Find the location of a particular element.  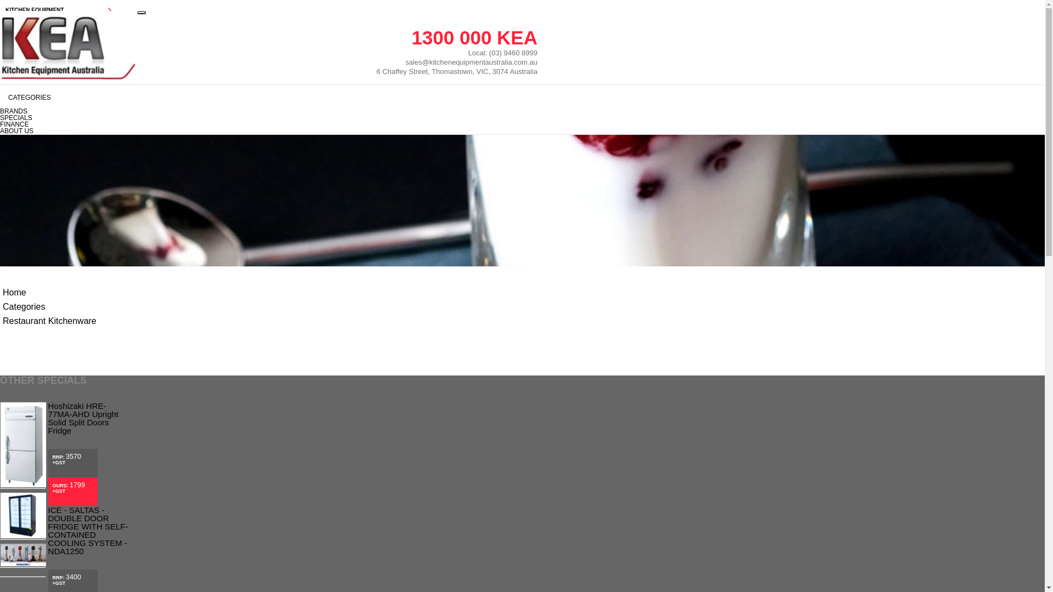

'COMMERCIAL COOKING EQUIPMENT' is located at coordinates (0, 72).